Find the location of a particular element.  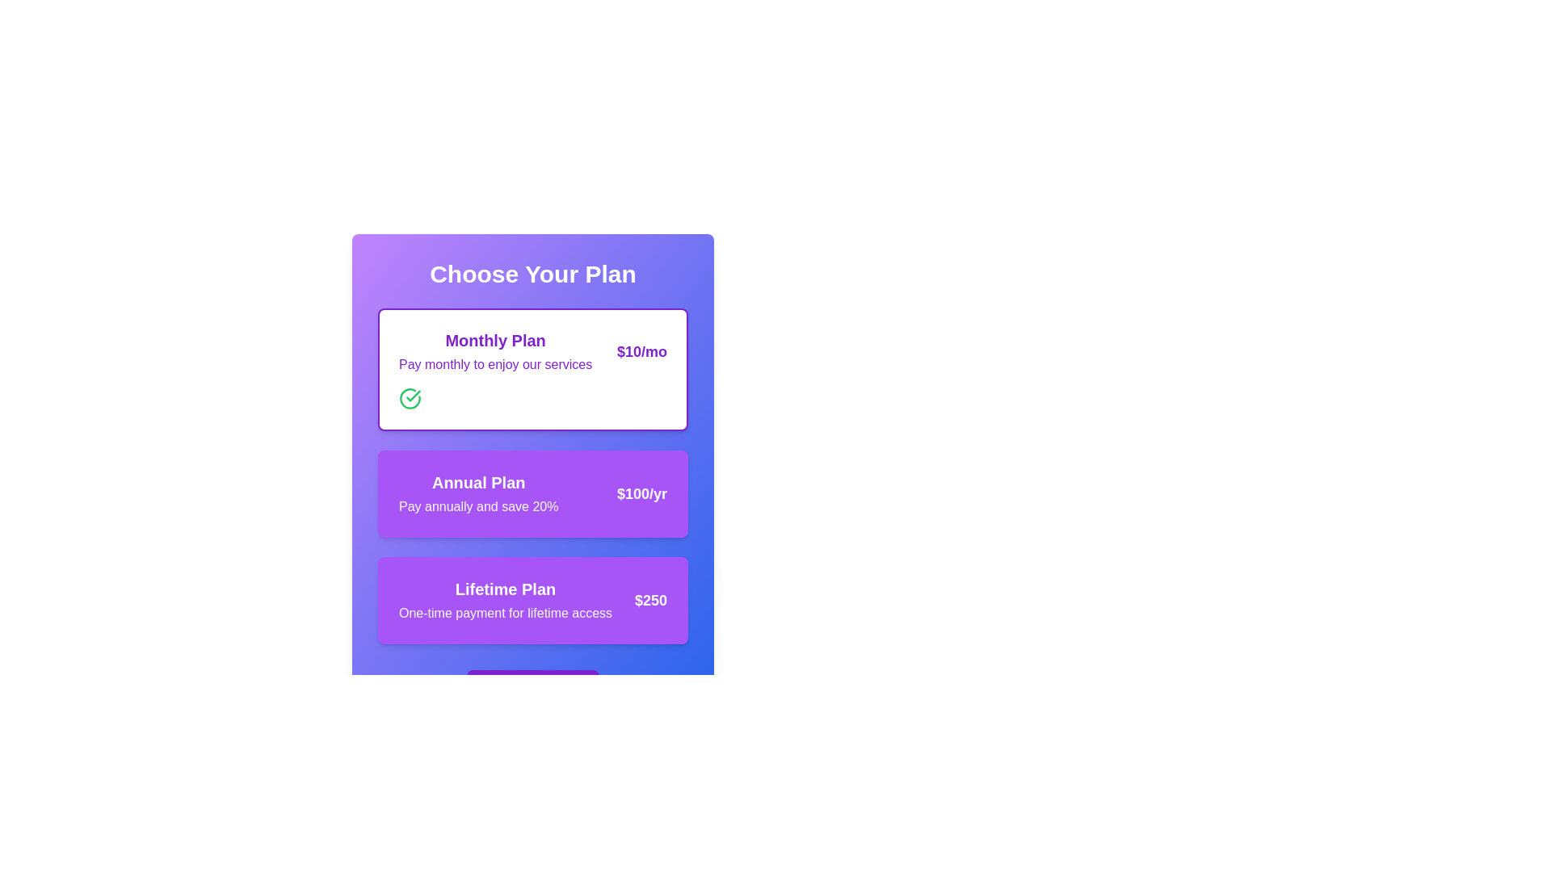

the 'Subscribe Now' button, which is a prominent rectangular button with a gradient background, located at the bottom of the 'Choose Your Plan' card is located at coordinates (533, 685).